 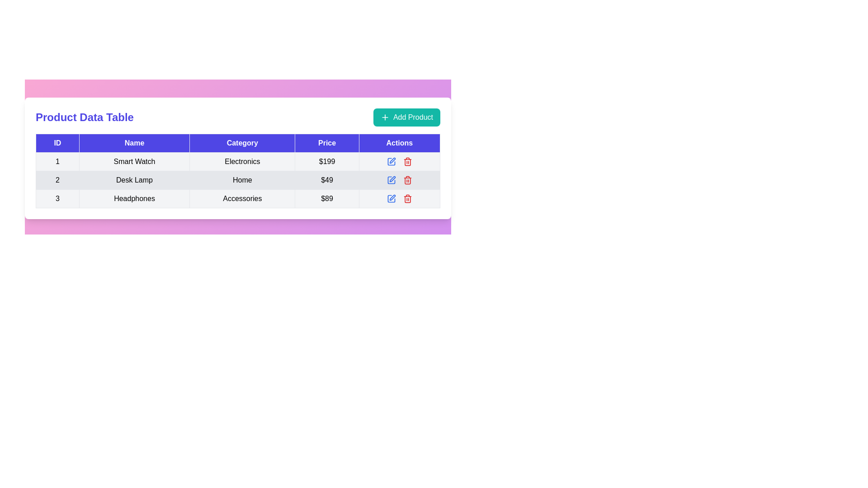 I want to click on the plus sign icon with a teal background located within the 'Add Product' button to trigger potential visual effects, so click(x=385, y=117).